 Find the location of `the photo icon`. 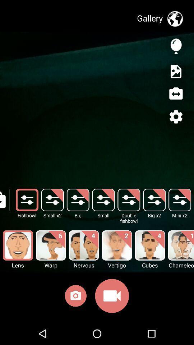

the photo icon is located at coordinates (75, 297).